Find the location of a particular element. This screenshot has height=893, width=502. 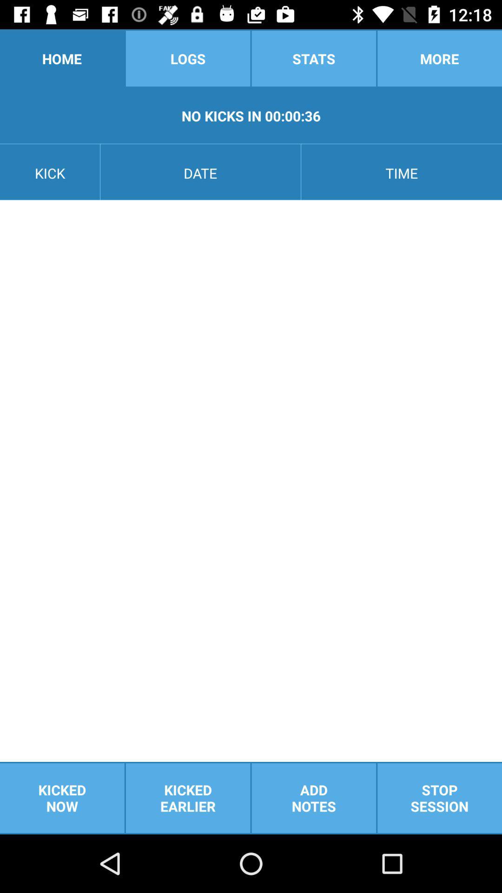

add is located at coordinates (314, 798).